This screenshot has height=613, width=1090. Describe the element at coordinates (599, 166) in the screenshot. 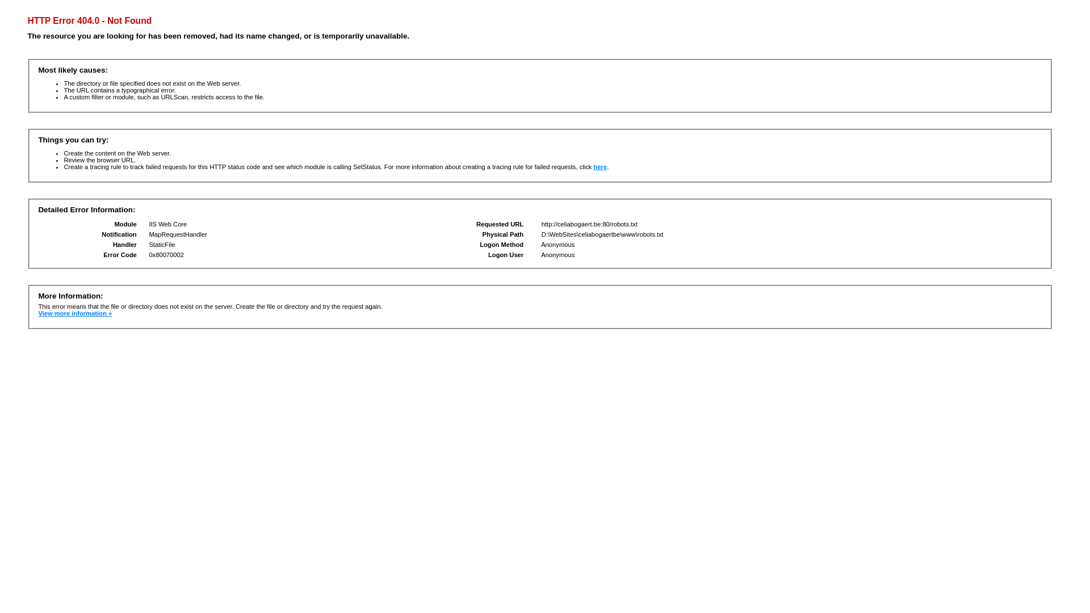

I see `'here'` at that location.